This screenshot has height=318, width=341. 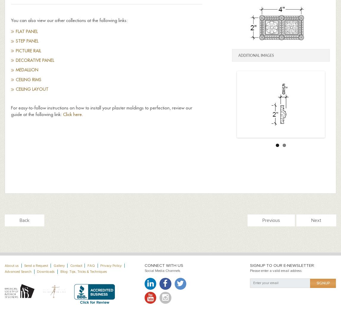 What do you see at coordinates (69, 20) in the screenshot?
I see `'You can also view our other collections at the following links:'` at bounding box center [69, 20].